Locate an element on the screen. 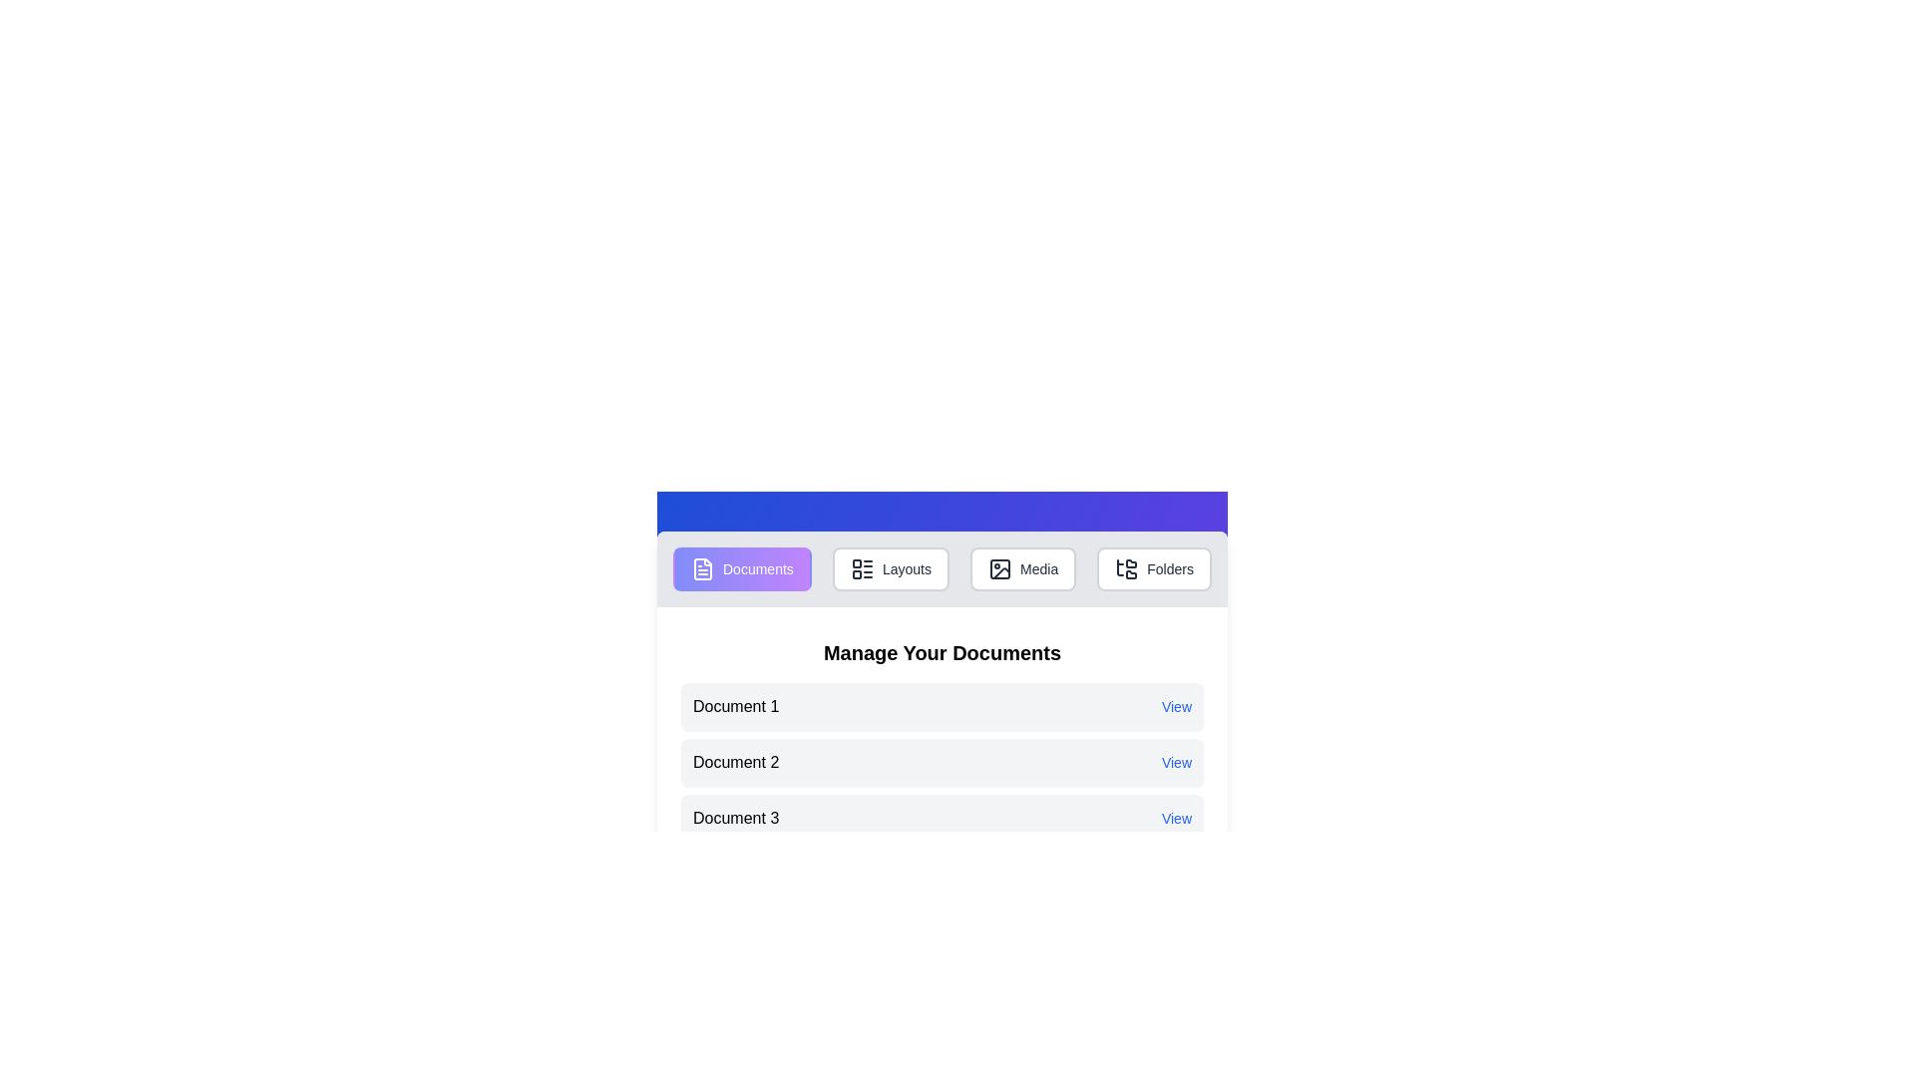 Image resolution: width=1915 pixels, height=1077 pixels. the 'Media' SVG icon located in the navigation row is located at coordinates (1000, 568).